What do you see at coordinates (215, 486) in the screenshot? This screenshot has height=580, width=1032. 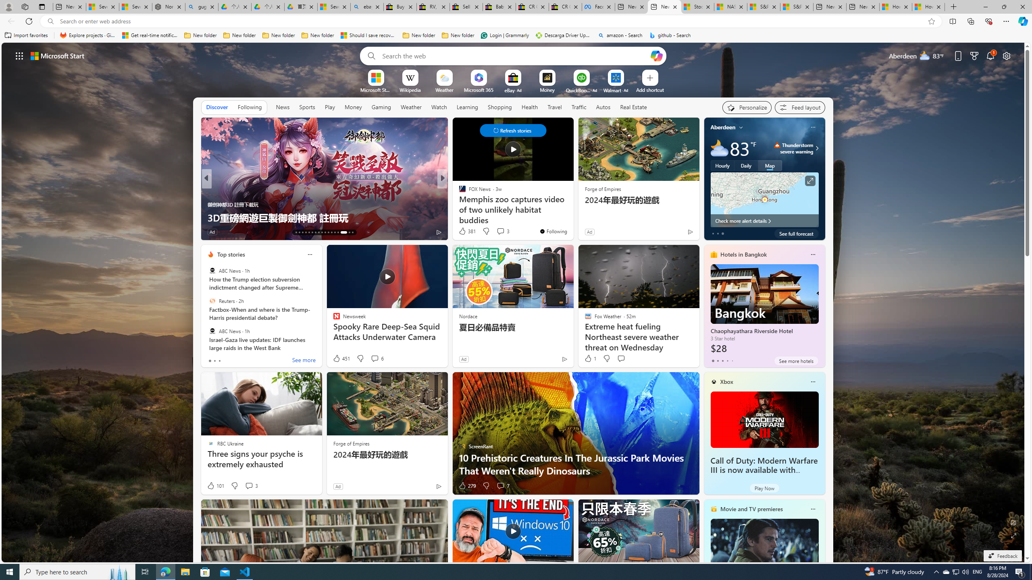 I see `'101 Like'` at bounding box center [215, 486].